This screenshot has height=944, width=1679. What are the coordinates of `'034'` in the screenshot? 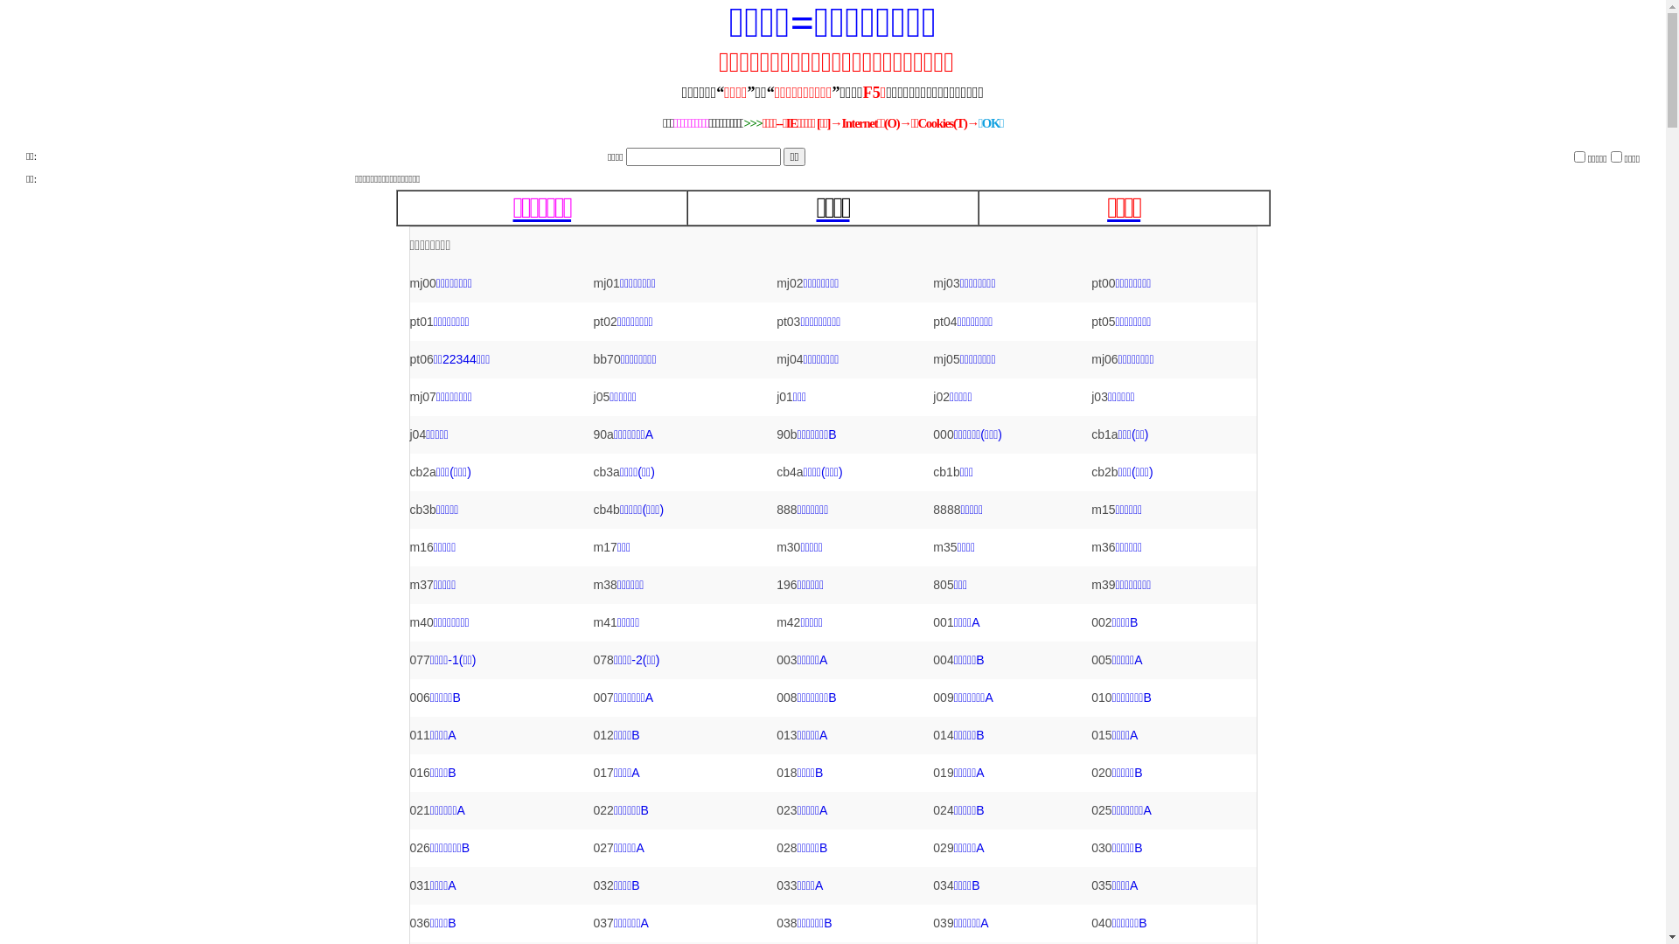 It's located at (942, 885).